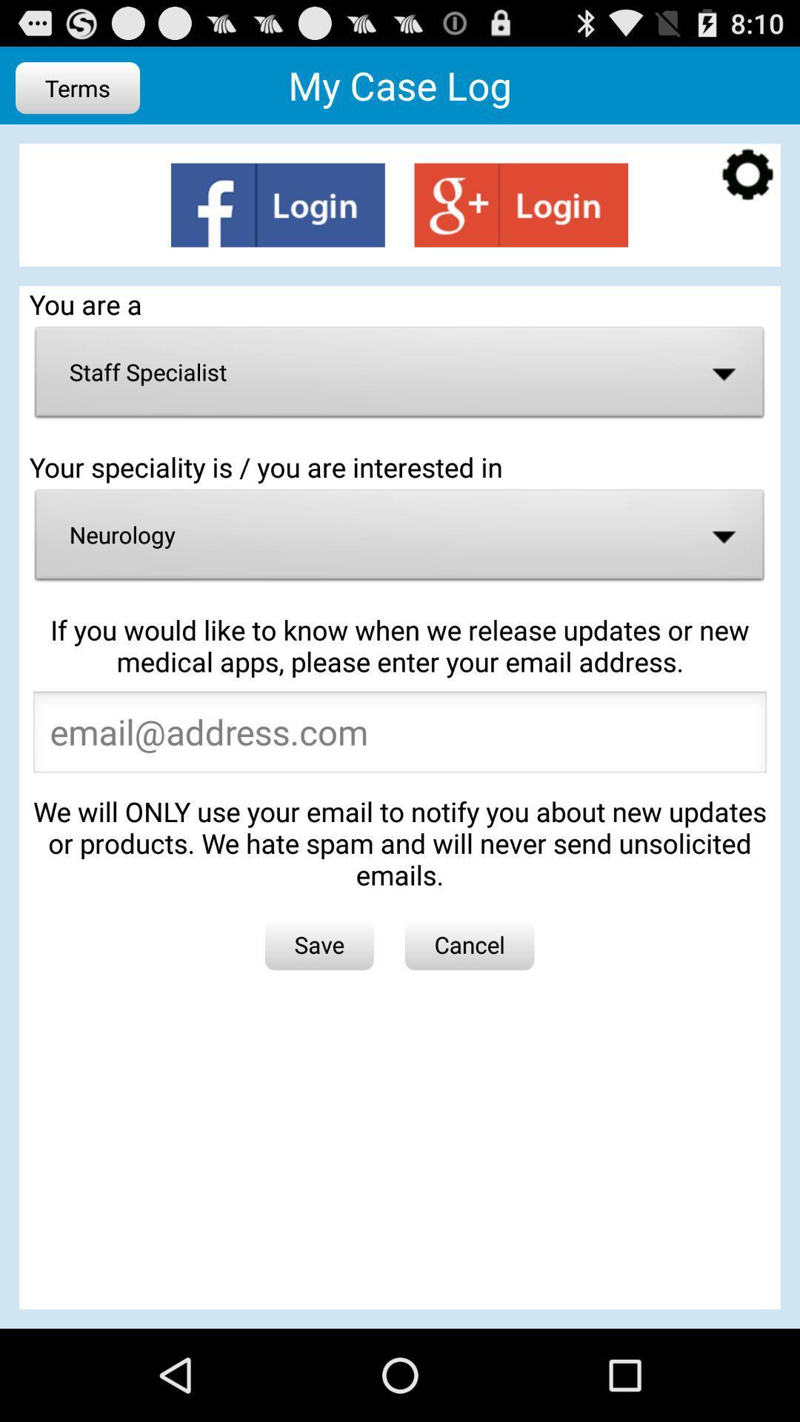 The width and height of the screenshot is (800, 1422). I want to click on login with google+, so click(520, 204).